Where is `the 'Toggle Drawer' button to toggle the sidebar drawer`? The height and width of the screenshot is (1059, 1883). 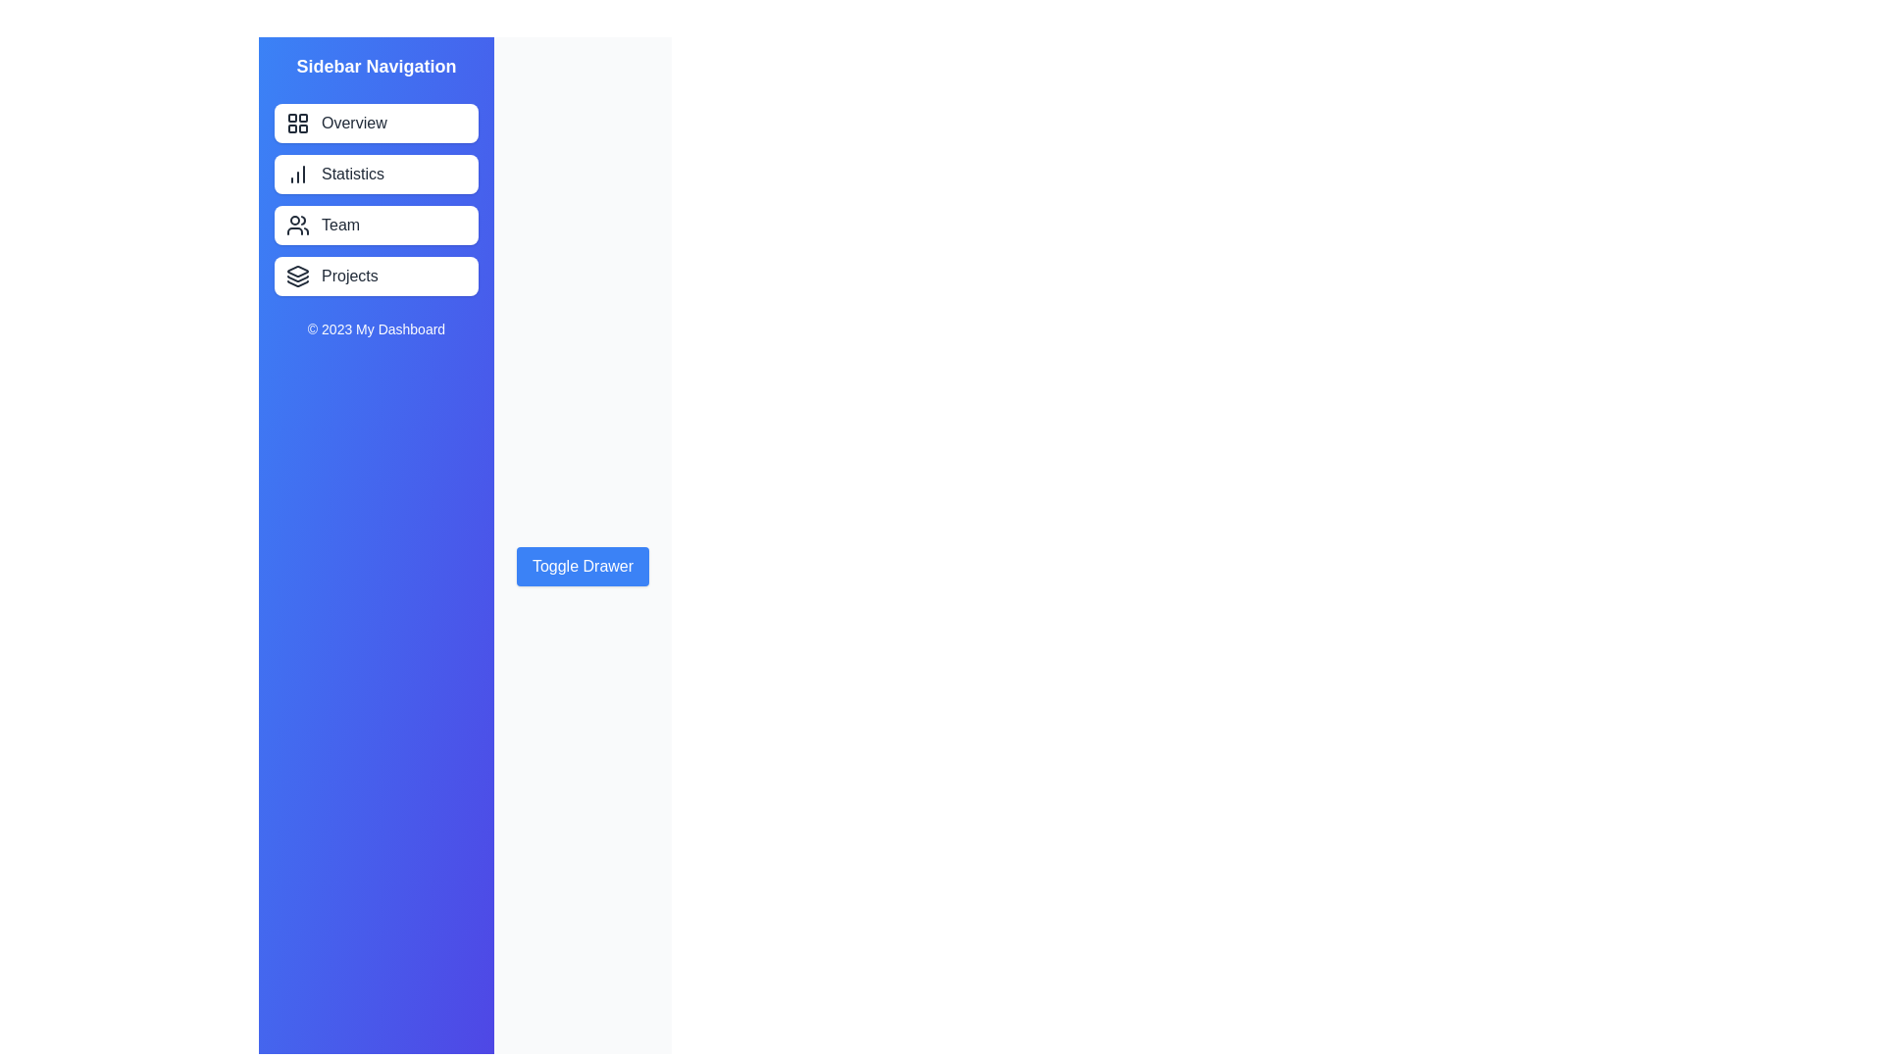 the 'Toggle Drawer' button to toggle the sidebar drawer is located at coordinates (582, 567).